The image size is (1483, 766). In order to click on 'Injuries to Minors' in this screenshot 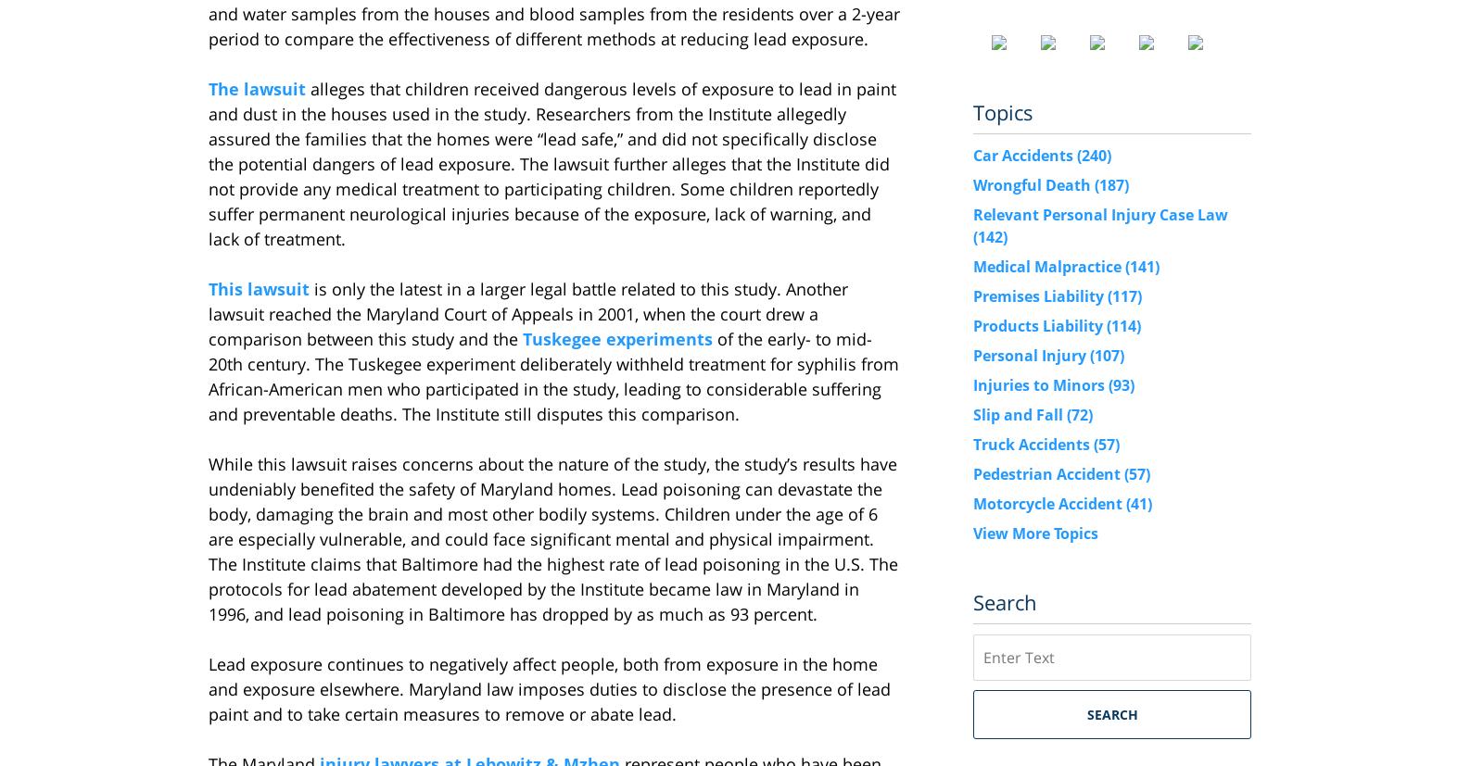, I will do `click(1041, 383)`.